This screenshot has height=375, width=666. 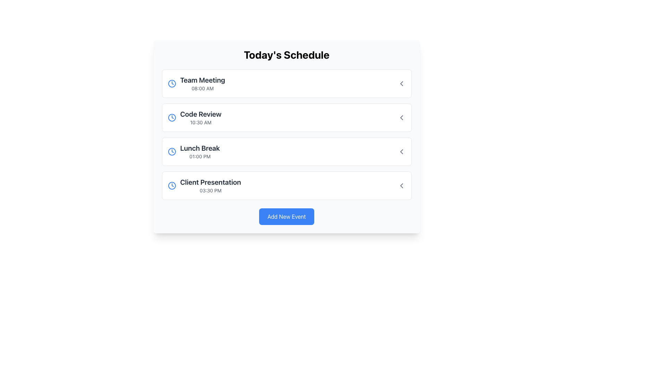 I want to click on the leftwards chevron arrow icon button, which is part of the 'Code Review' entry in the second row of icons, so click(x=401, y=117).